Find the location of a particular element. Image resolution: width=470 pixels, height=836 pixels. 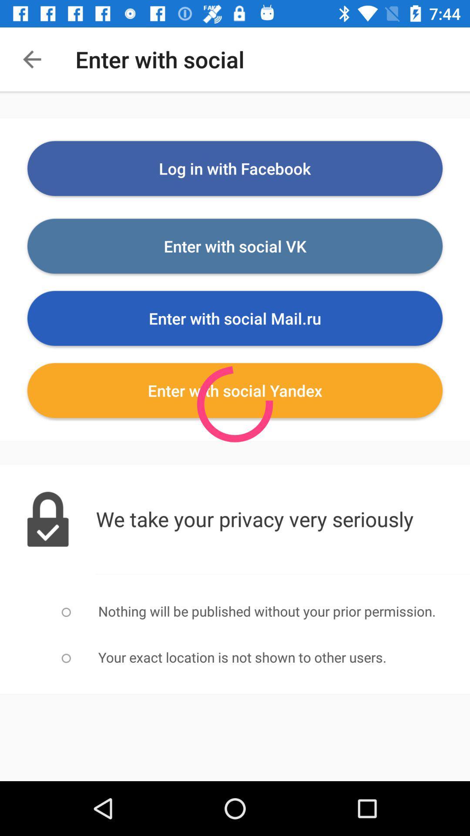

icon above the enter with social item is located at coordinates (235, 169).